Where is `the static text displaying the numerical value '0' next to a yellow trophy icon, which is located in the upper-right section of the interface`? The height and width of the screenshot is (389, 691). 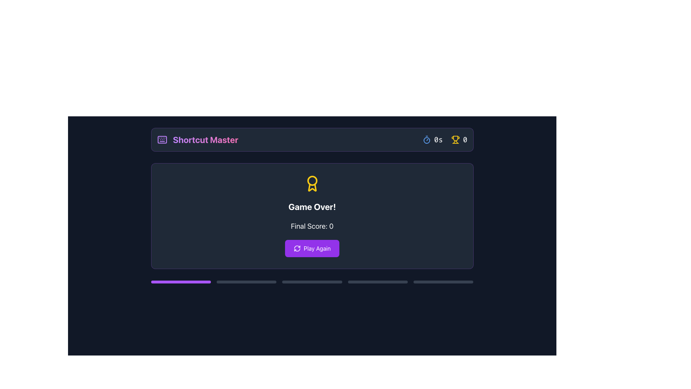 the static text displaying the numerical value '0' next to a yellow trophy icon, which is located in the upper-right section of the interface is located at coordinates (459, 140).